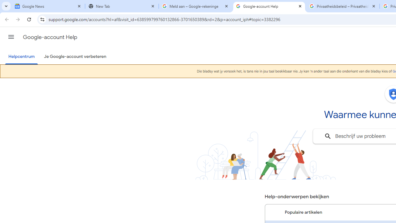  I want to click on 'Hoofdmenu', so click(11, 37).